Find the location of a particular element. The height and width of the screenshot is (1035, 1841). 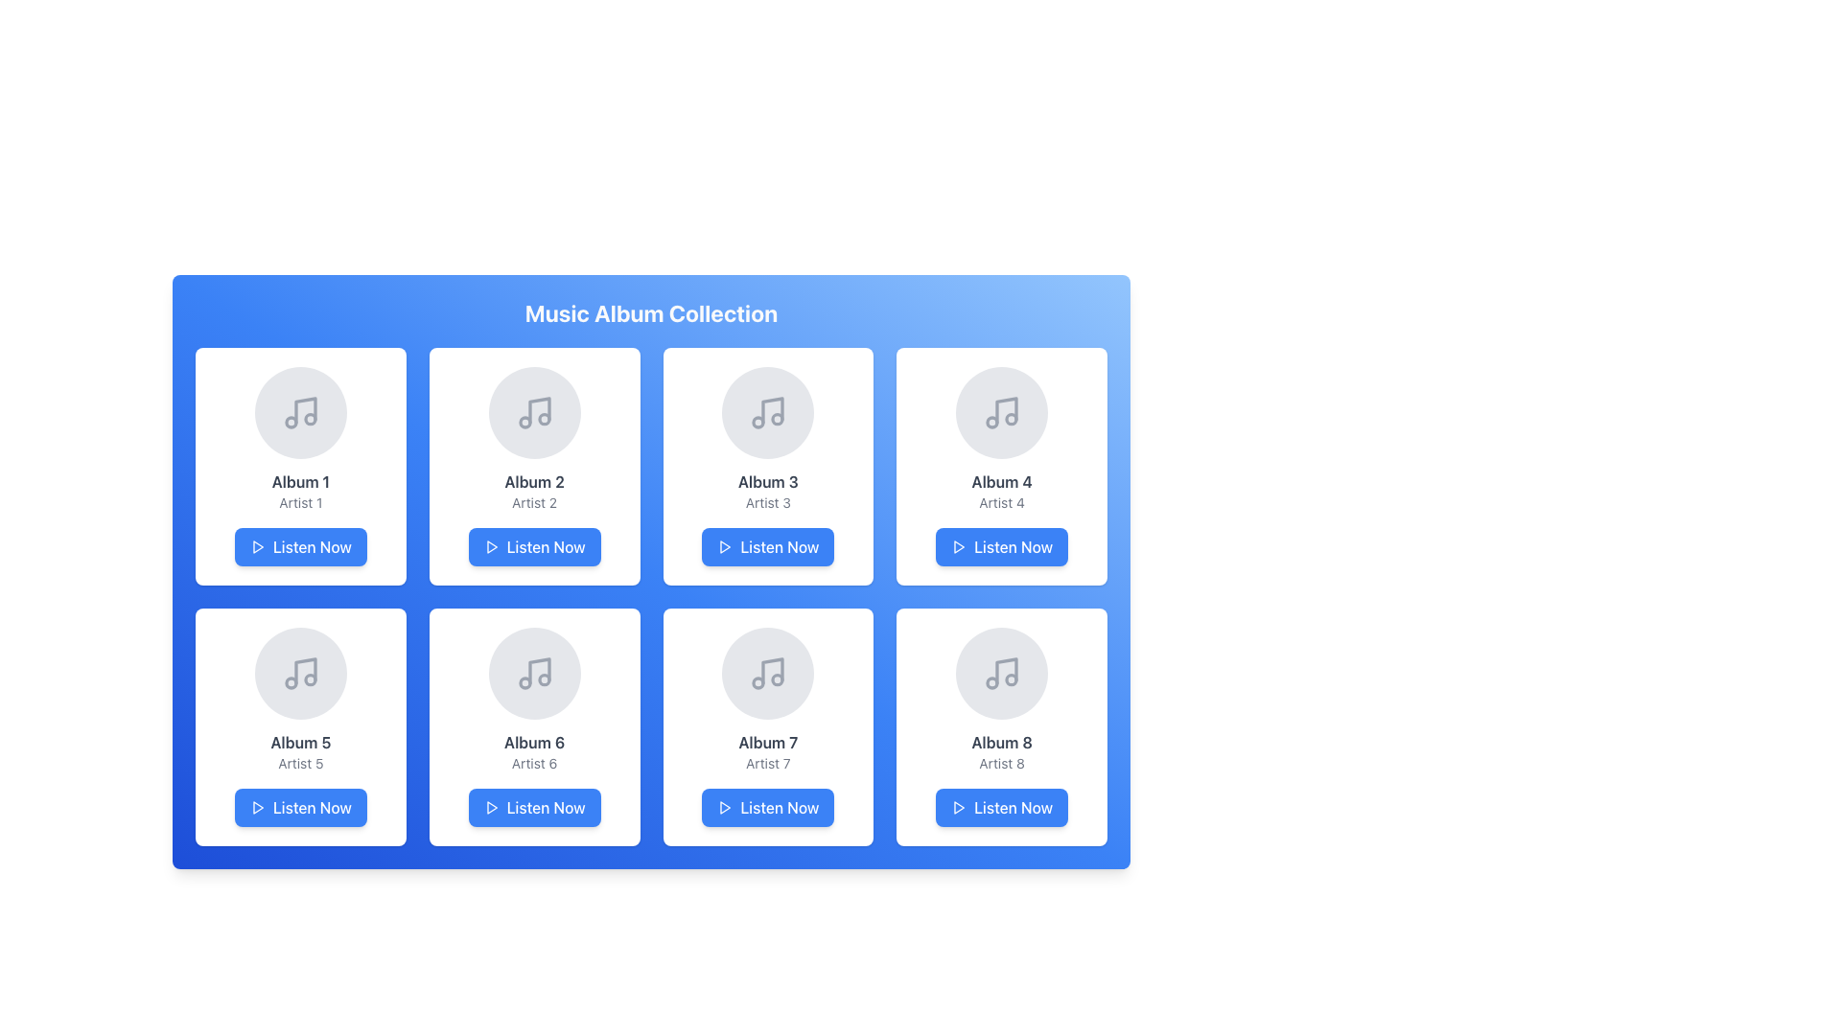

the decorative vector graphic element indicating a music-related theme, located near the center of the music note icon in the eighth album card is located at coordinates (1006, 670).